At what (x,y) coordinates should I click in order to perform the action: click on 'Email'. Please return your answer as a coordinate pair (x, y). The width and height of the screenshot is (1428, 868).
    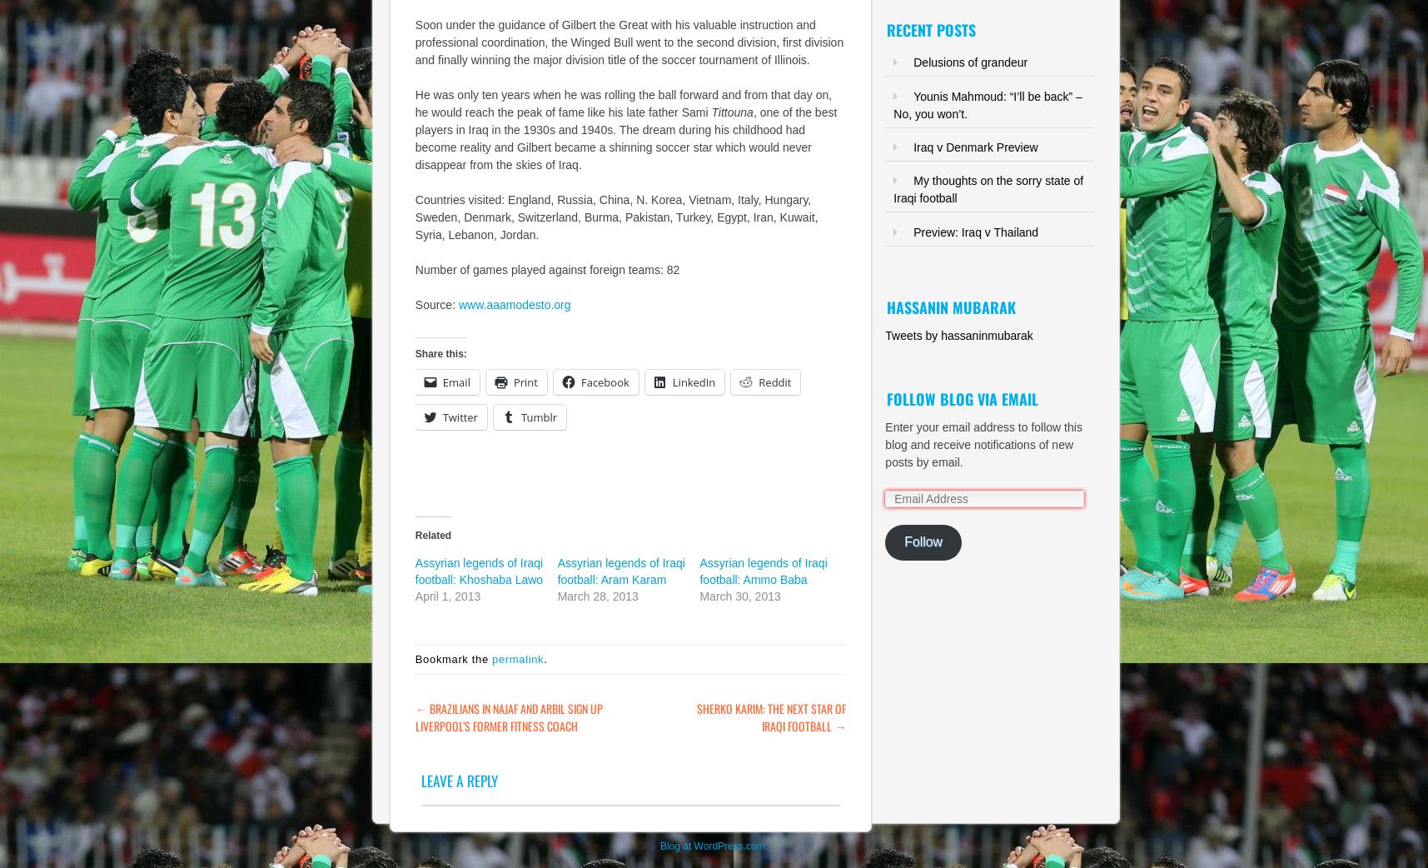
    Looking at the image, I should click on (455, 382).